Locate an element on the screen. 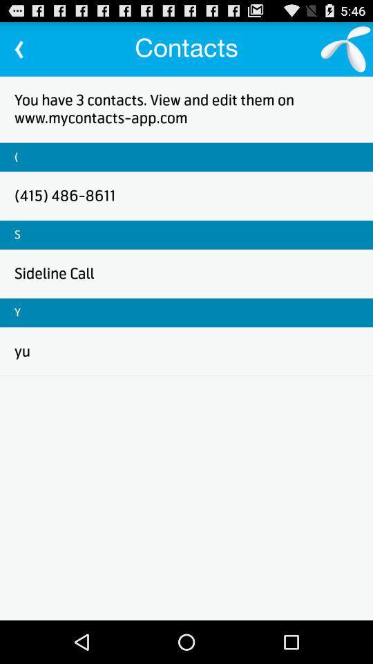 The image size is (373, 664). icon below (415) 486-8611 icon is located at coordinates (17, 234).